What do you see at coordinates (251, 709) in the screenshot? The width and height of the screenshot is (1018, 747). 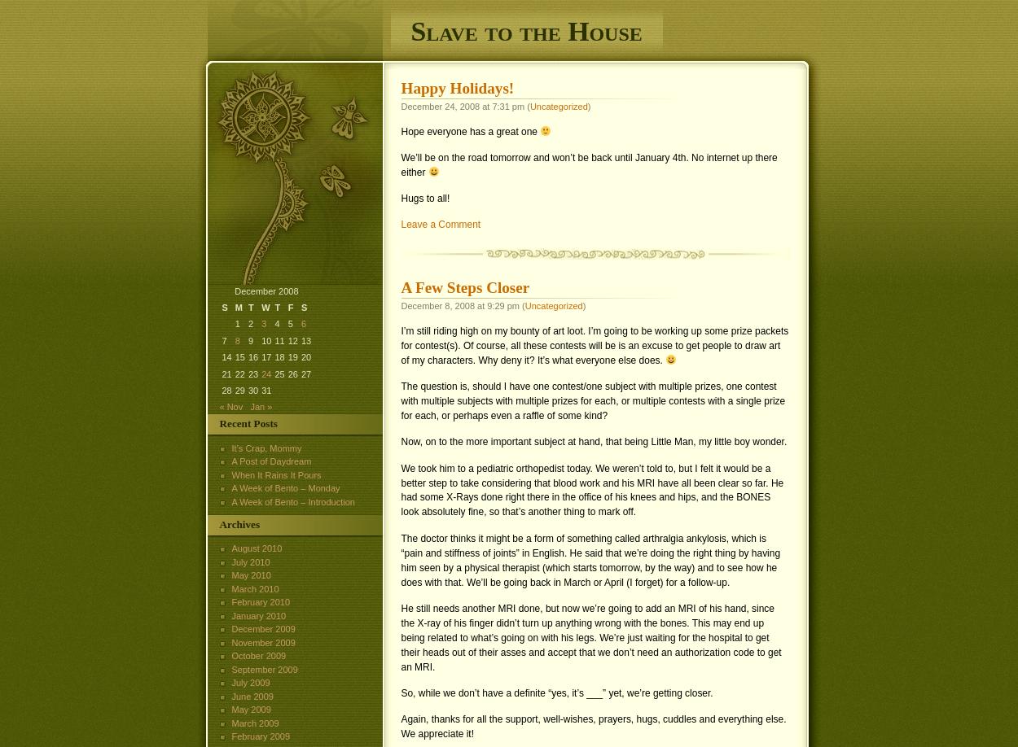 I see `'May 2009'` at bounding box center [251, 709].